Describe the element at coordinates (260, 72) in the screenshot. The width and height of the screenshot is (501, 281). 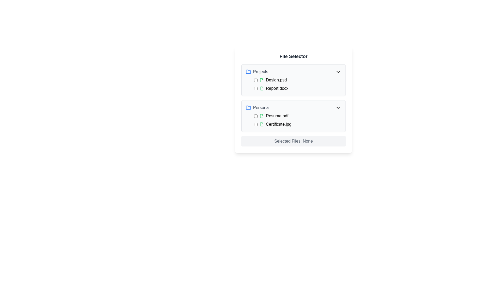
I see `the 'Projects' text label in the upper section of the file selector interface, which serves as the title for a category representing a group of files` at that location.